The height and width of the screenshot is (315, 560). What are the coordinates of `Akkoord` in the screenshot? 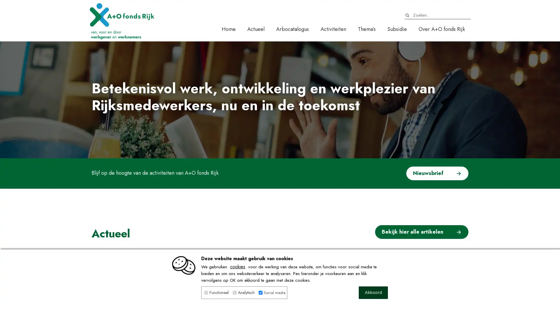 It's located at (373, 293).